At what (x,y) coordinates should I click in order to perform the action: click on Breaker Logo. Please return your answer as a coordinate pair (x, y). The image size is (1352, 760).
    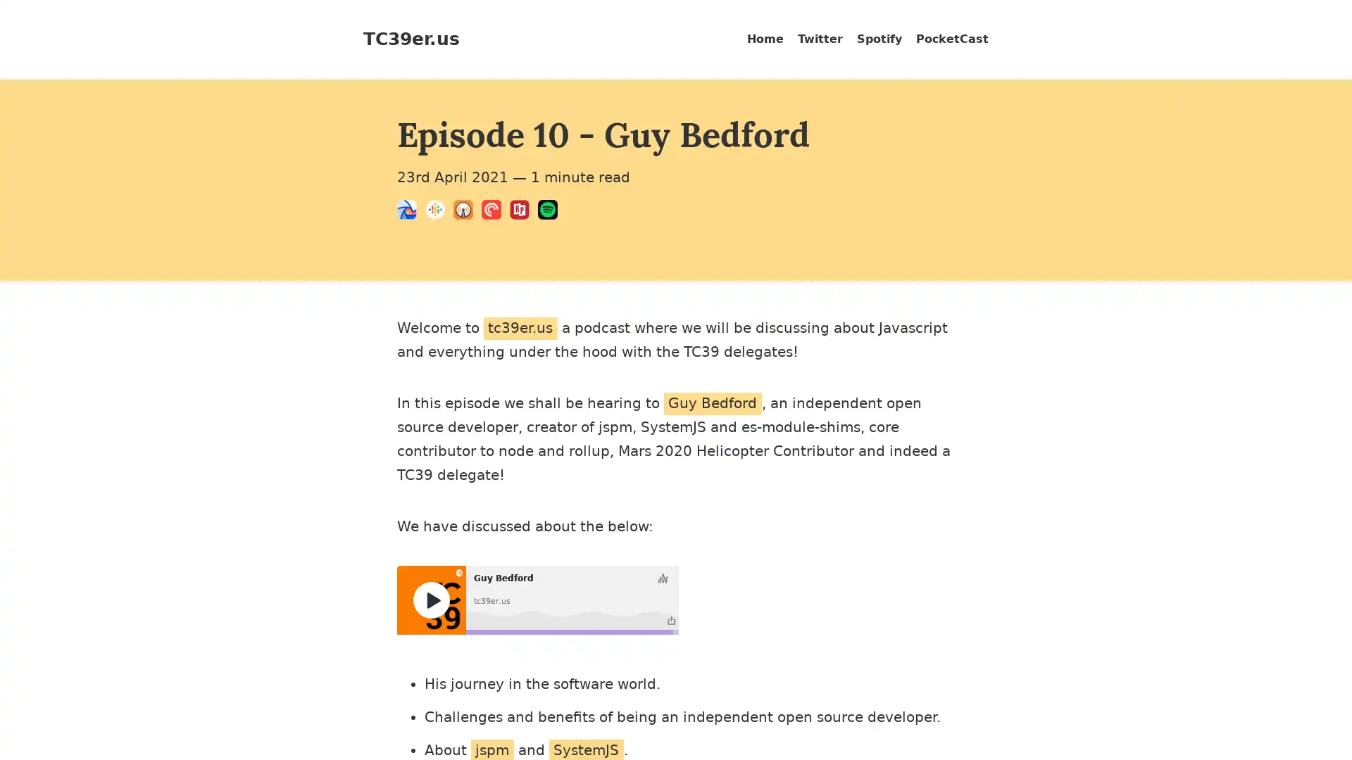
    Looking at the image, I should click on (411, 212).